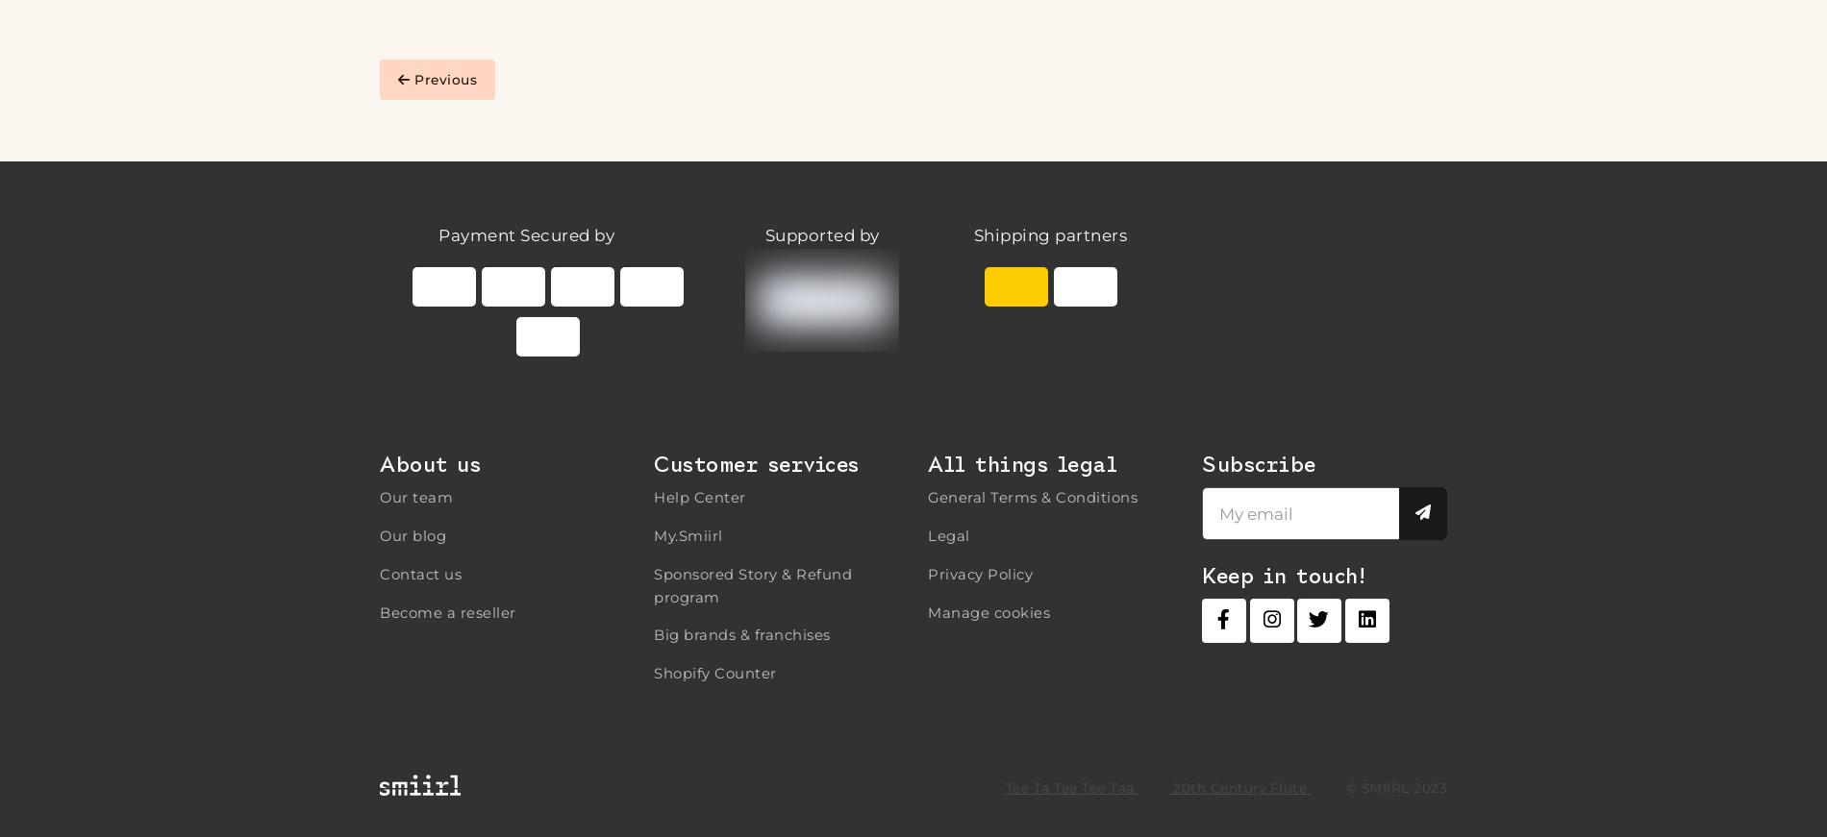 The image size is (1827, 837). What do you see at coordinates (415, 497) in the screenshot?
I see `'Our team'` at bounding box center [415, 497].